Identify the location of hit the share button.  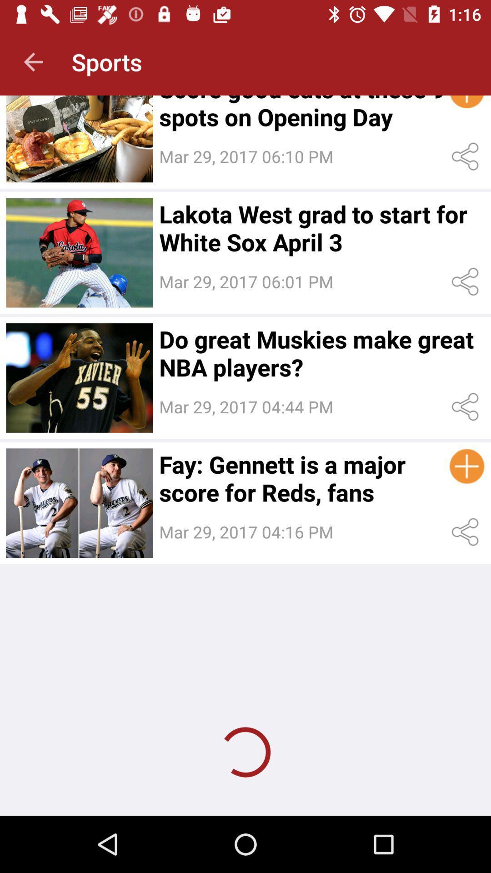
(467, 532).